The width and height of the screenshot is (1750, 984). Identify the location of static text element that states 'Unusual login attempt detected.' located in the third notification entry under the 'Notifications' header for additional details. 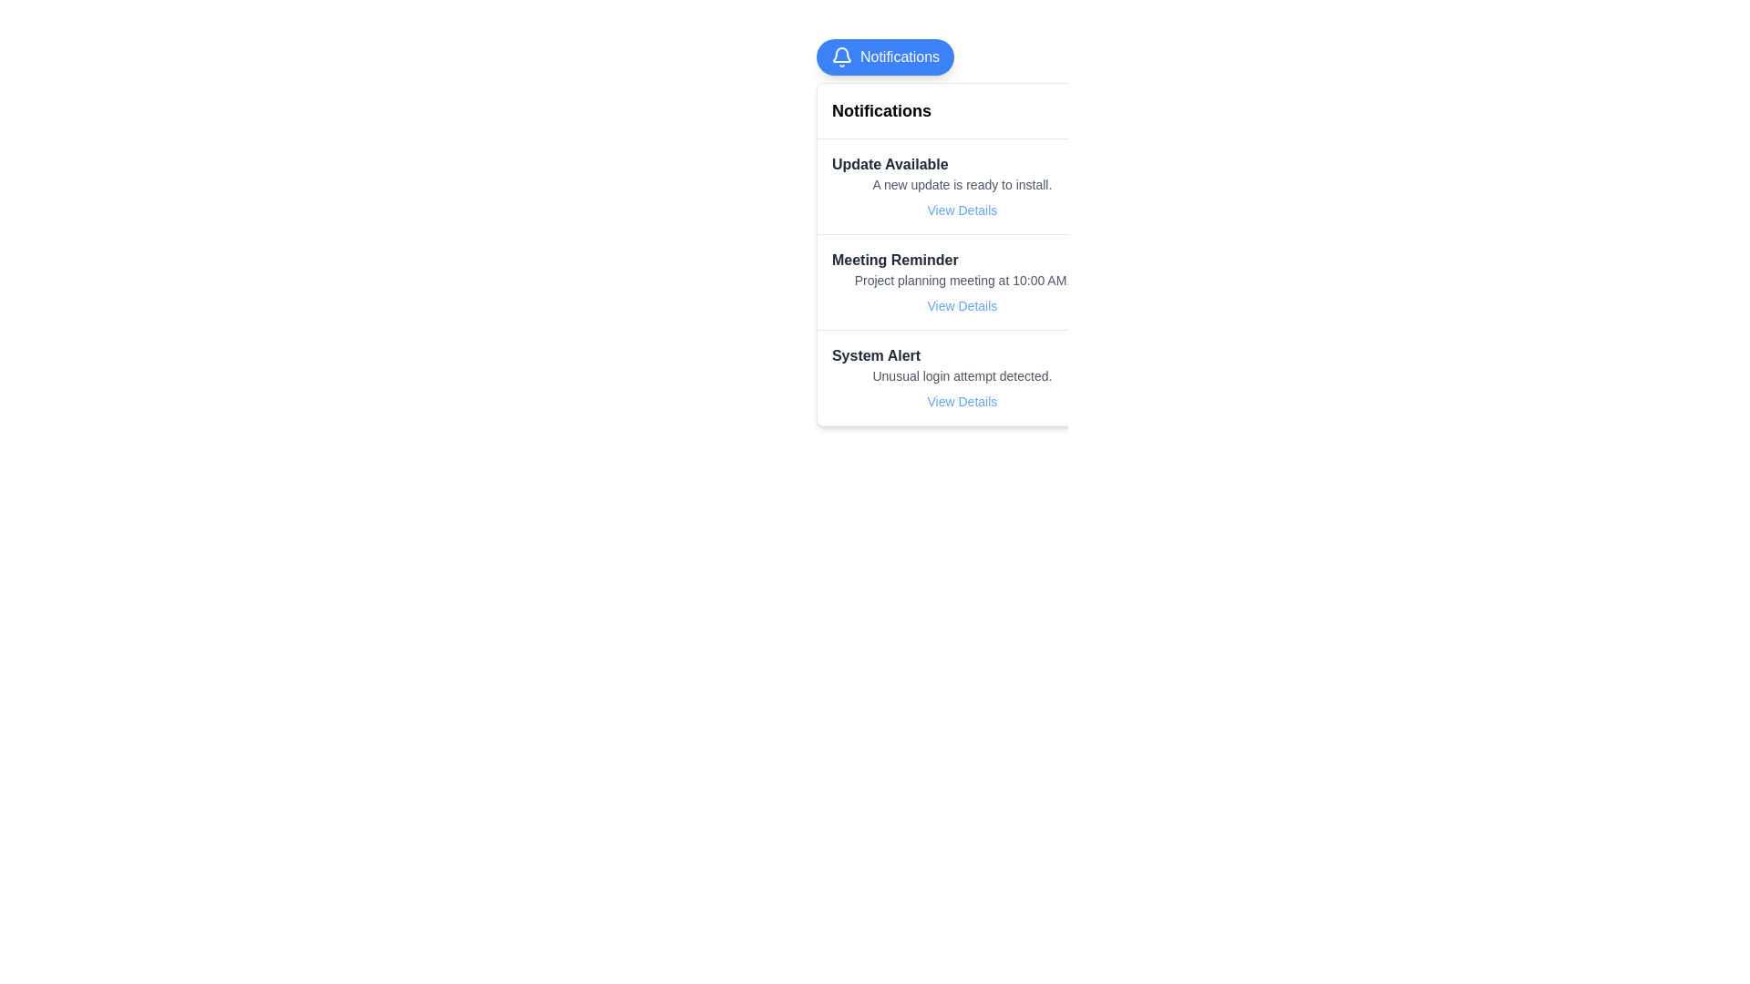
(962, 374).